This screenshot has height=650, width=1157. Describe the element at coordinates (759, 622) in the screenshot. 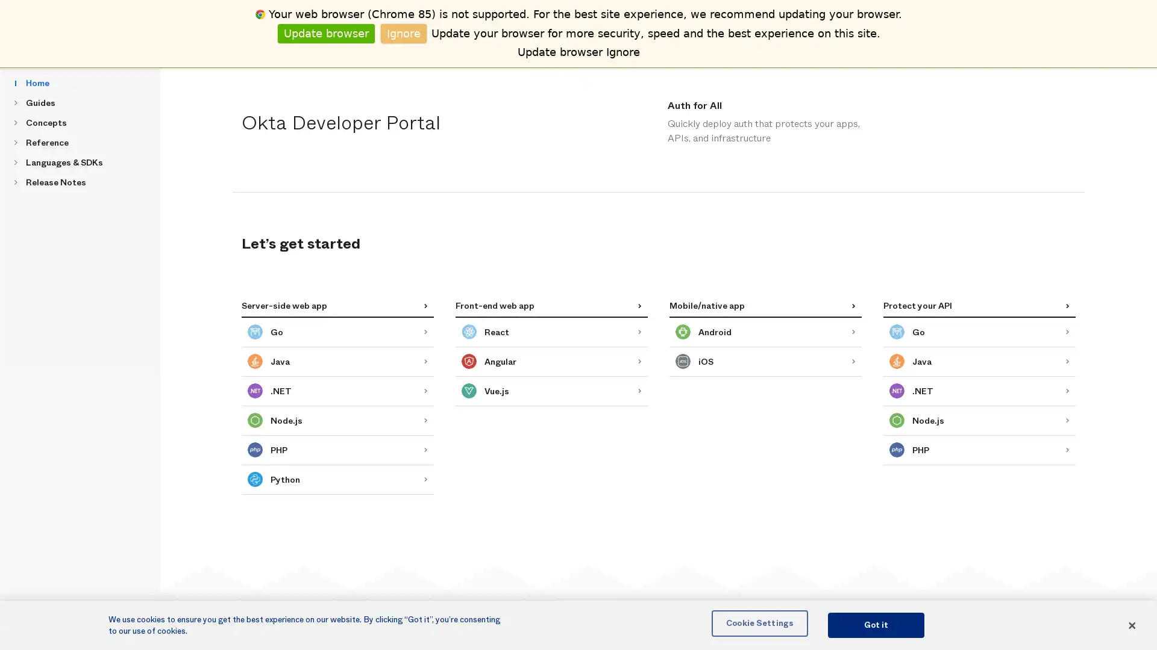

I see `Cookie Settings` at that location.